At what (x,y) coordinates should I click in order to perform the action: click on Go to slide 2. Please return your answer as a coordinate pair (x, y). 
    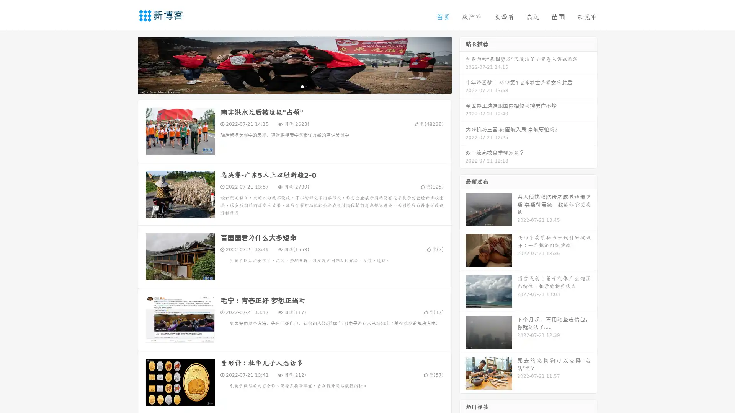
    Looking at the image, I should click on (294, 86).